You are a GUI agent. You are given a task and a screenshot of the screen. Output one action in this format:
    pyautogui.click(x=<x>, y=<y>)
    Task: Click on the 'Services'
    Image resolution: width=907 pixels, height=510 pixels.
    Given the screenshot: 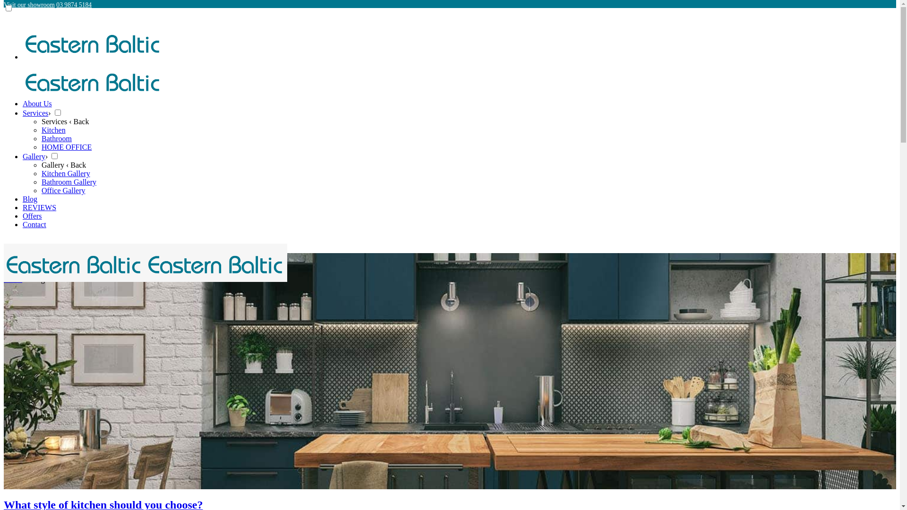 What is the action you would take?
    pyautogui.click(x=35, y=112)
    